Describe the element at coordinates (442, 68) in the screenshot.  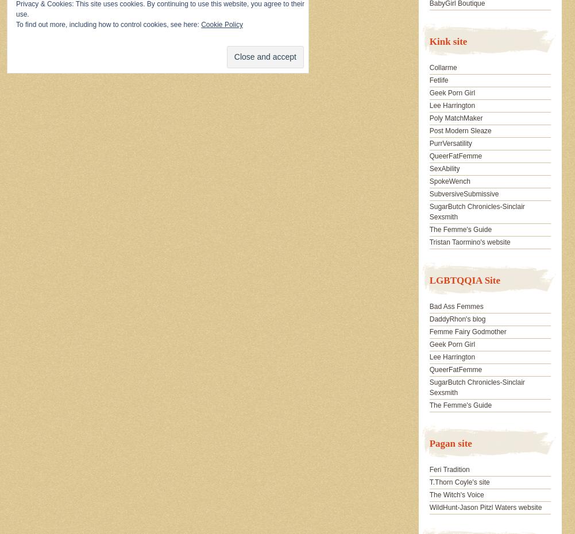
I see `'Collarme'` at that location.